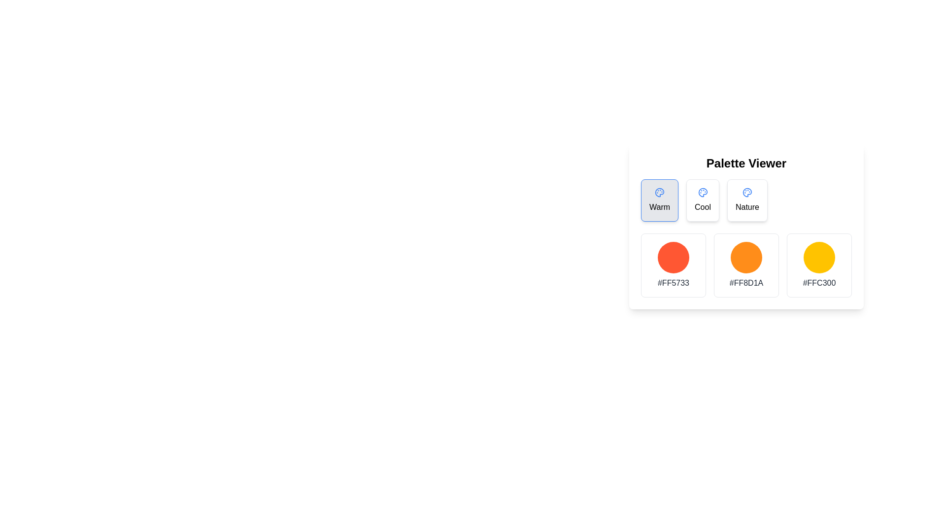 The width and height of the screenshot is (946, 532). What do you see at coordinates (673, 265) in the screenshot?
I see `the first color swatch display in the horizontal grid, which visually represents a color swatch and has a color code labeled below it` at bounding box center [673, 265].